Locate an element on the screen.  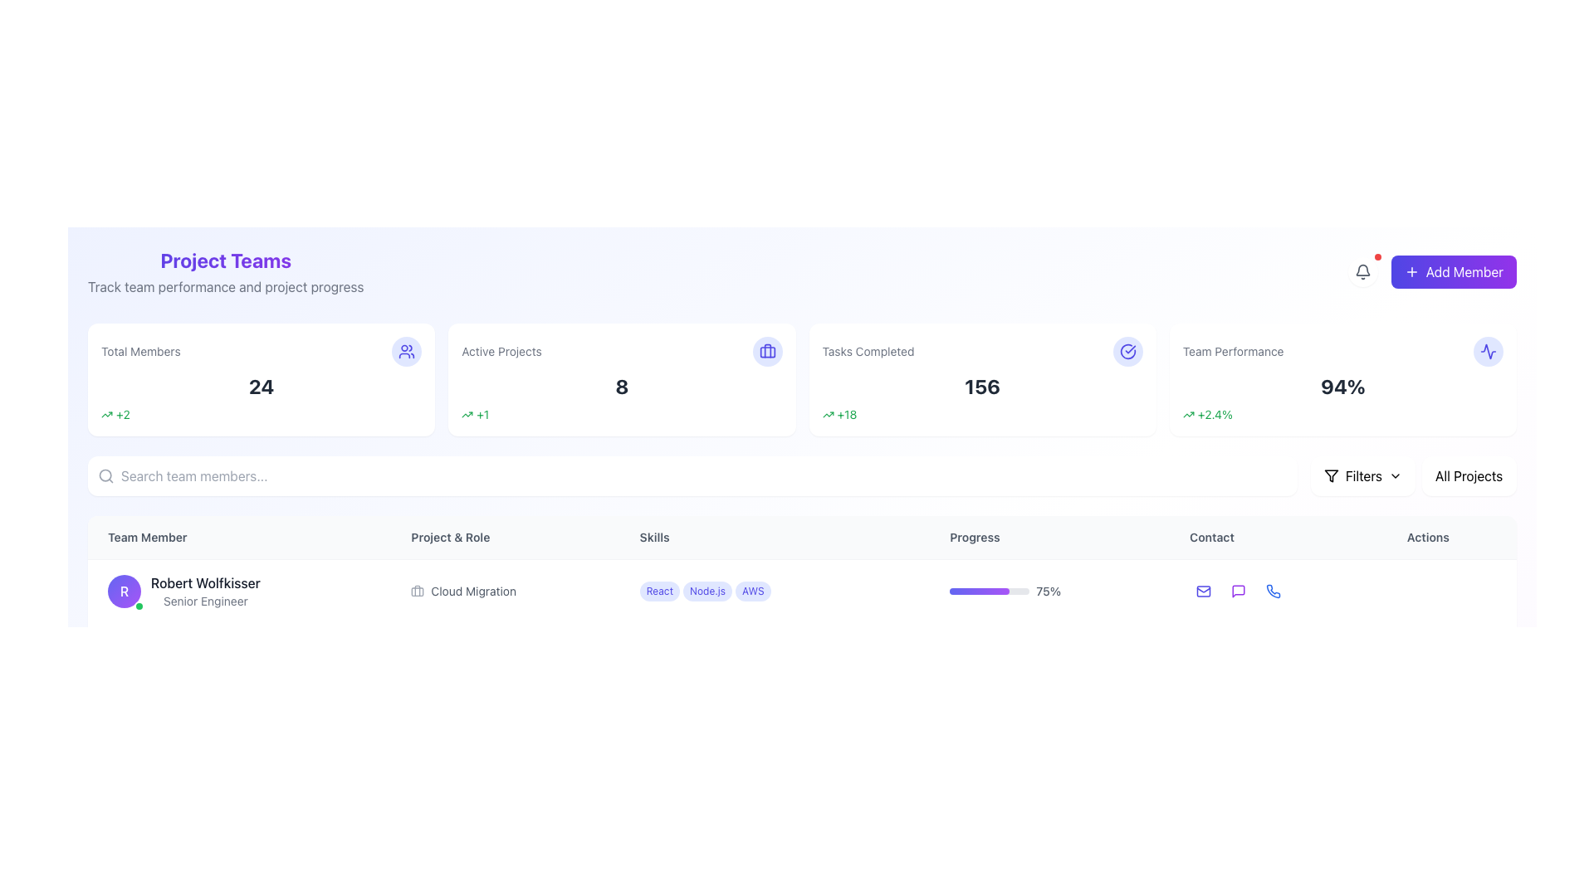
the Tag/Label with the text 'Node.js' which is a small pill-shaped label with a light indigo background, located under the 'Skills' column in the row for 'Robert Wolfkisser.' is located at coordinates (707, 591).